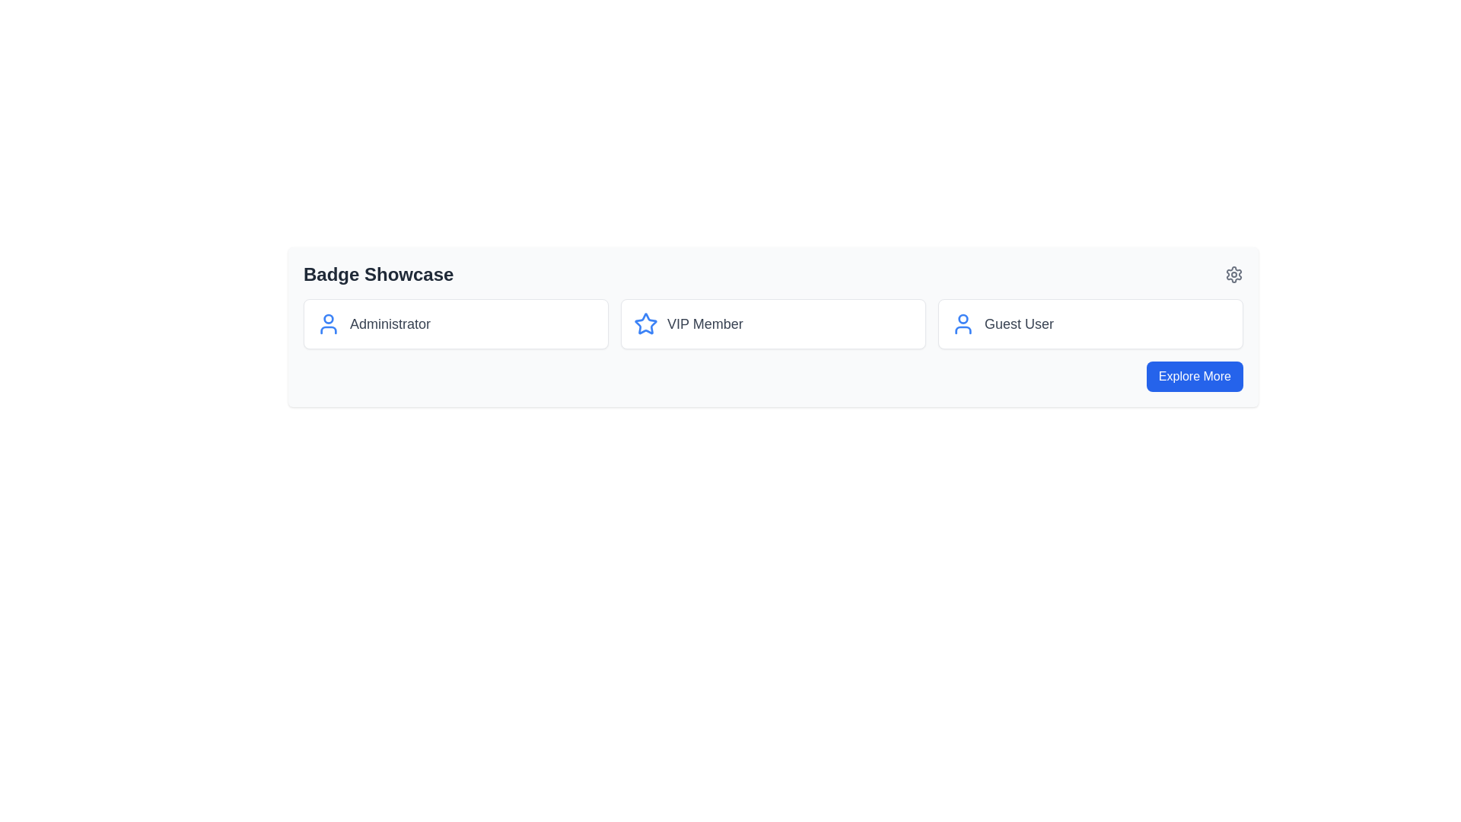 The image size is (1461, 822). What do you see at coordinates (455, 323) in the screenshot?
I see `the 'Administrator' role Card item located in the 'Badge Showcase' section, which is the first card in the grid layout` at bounding box center [455, 323].